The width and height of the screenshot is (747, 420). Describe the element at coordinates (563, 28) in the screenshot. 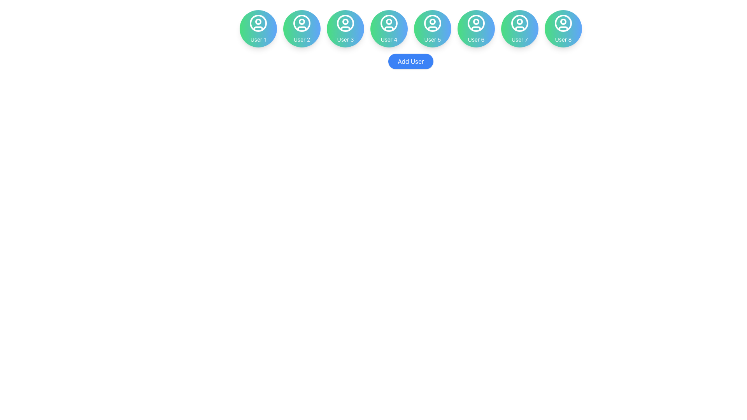

I see `the circular user button labeled 'User 8' with a gradient background transitioning from green to blue, located at the far right of the row in the top section of the interface` at that location.